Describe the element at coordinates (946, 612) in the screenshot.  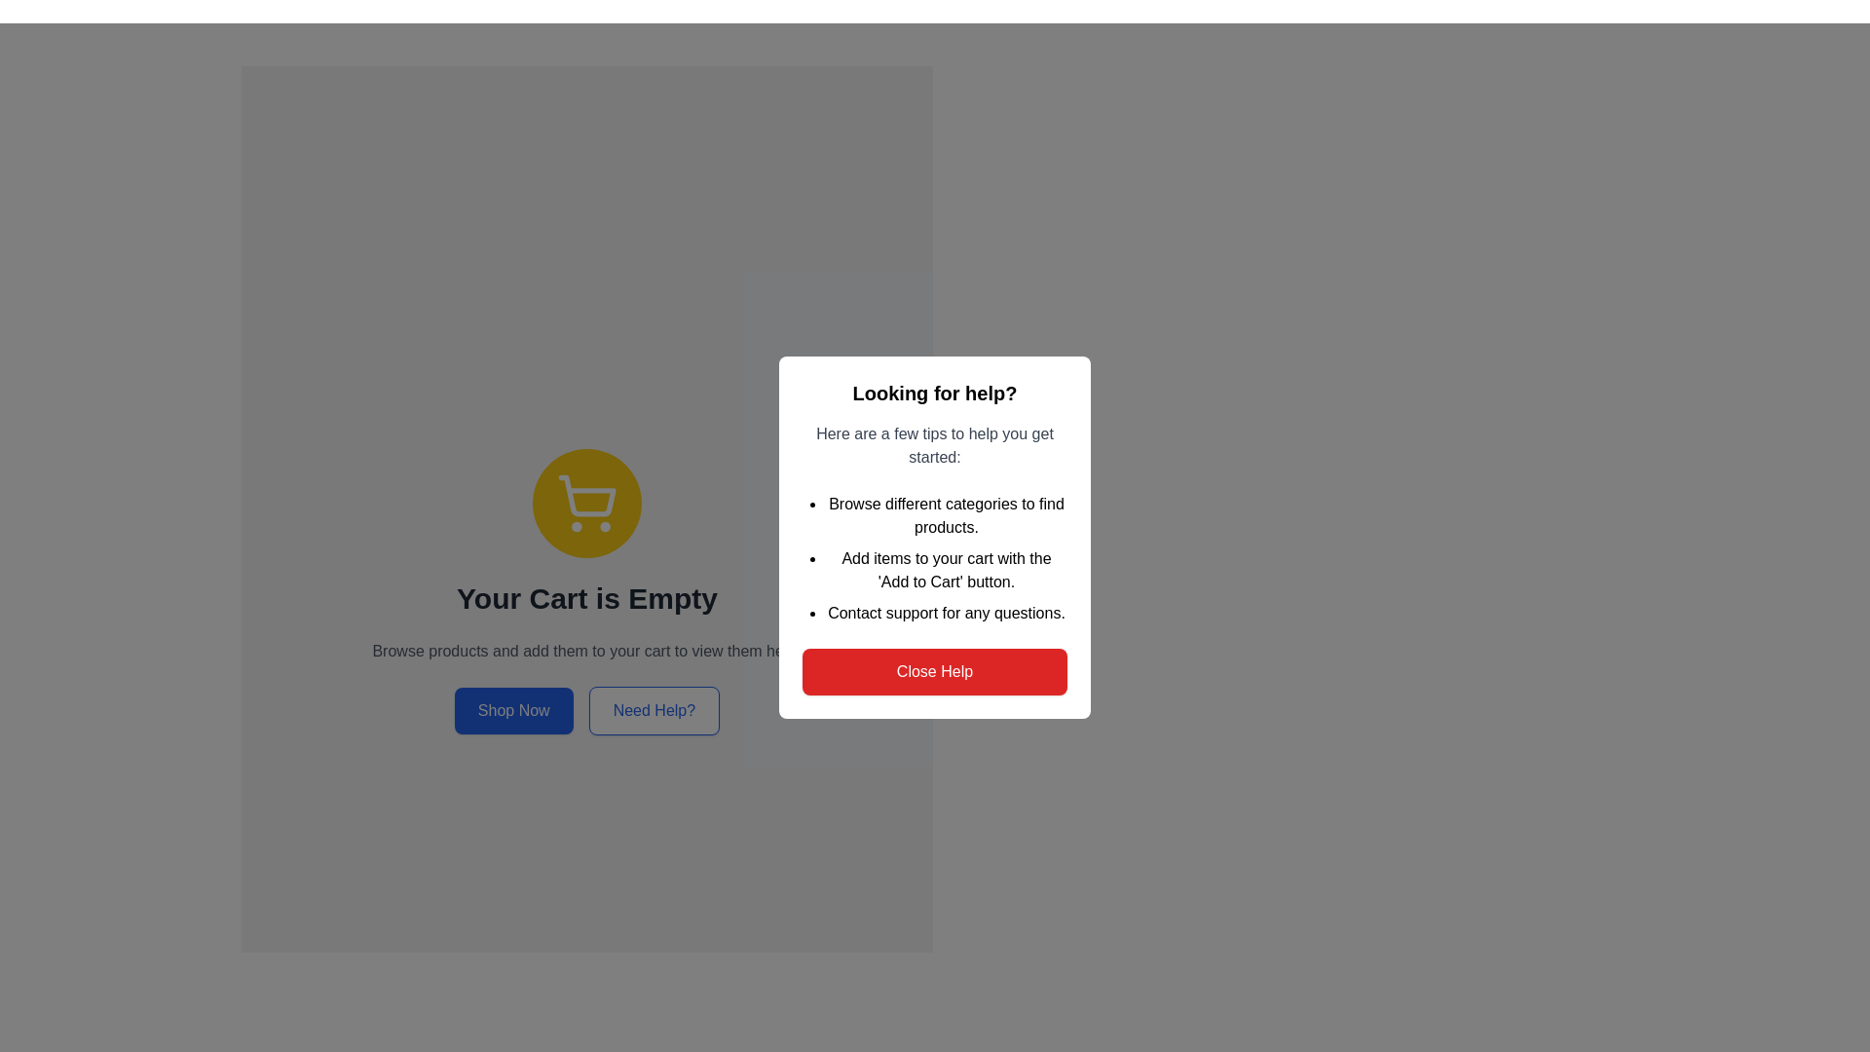
I see `the static text that reads 'Contact support for any questions.' which is the third item in a bulleted list within the modal titled 'Looking for help?'` at that location.